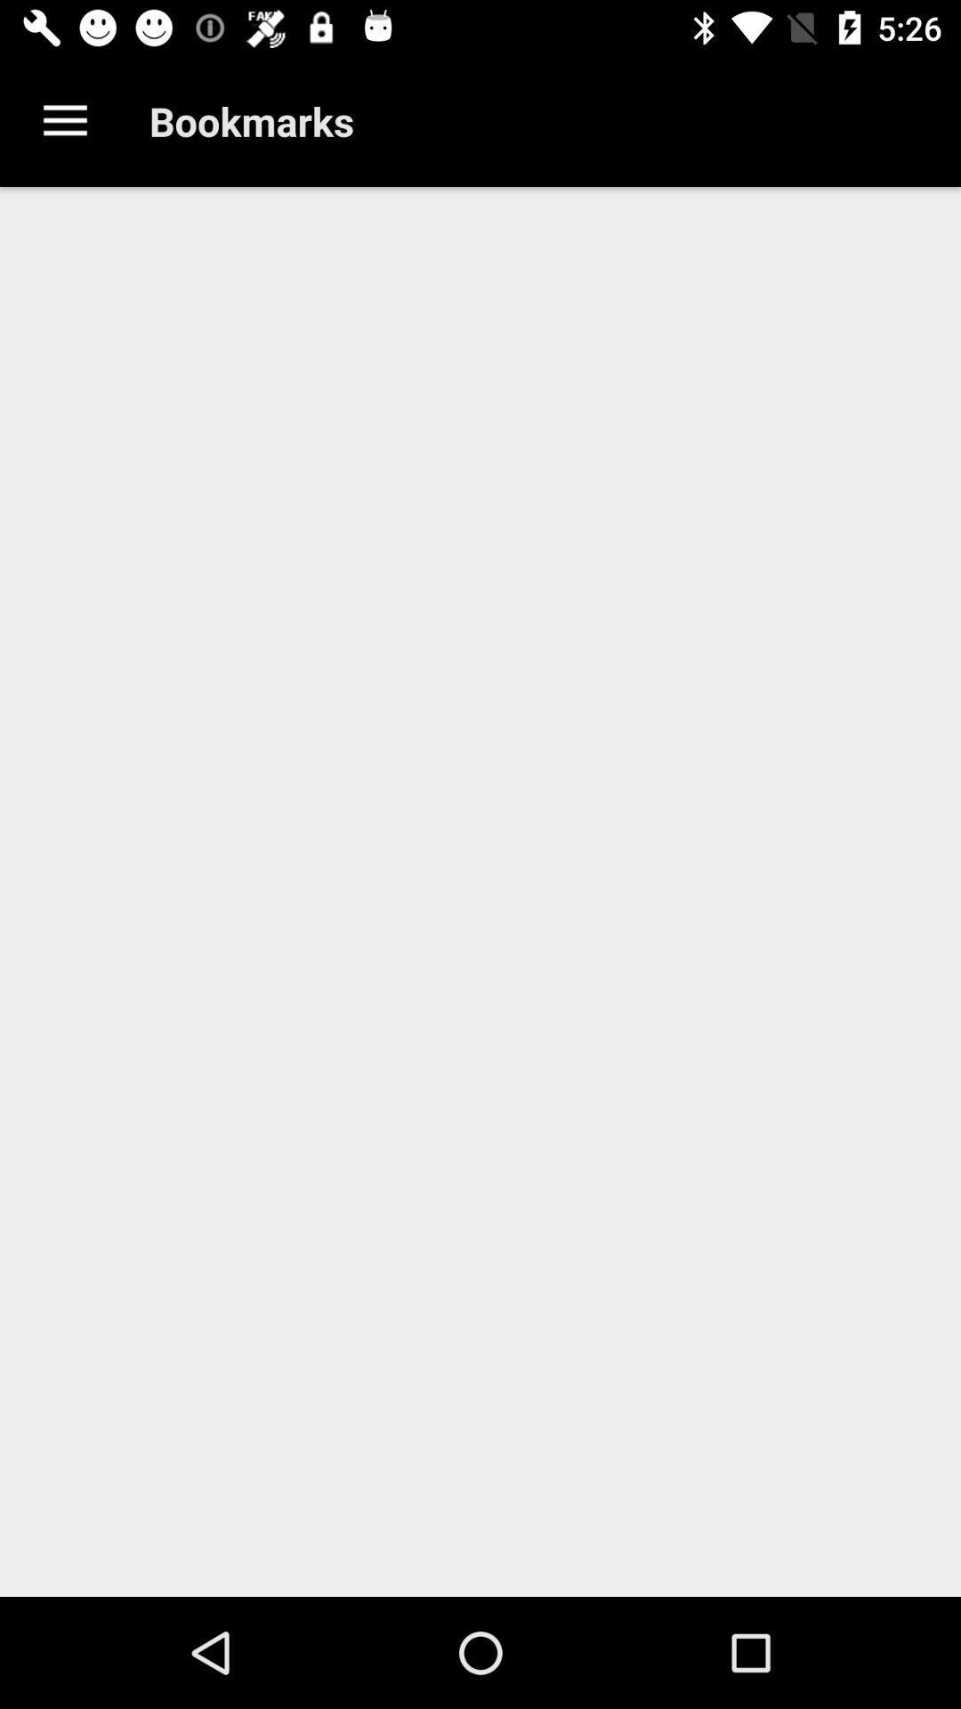 The width and height of the screenshot is (961, 1709). Describe the element at coordinates (64, 120) in the screenshot. I see `the icon next to bookmarks` at that location.